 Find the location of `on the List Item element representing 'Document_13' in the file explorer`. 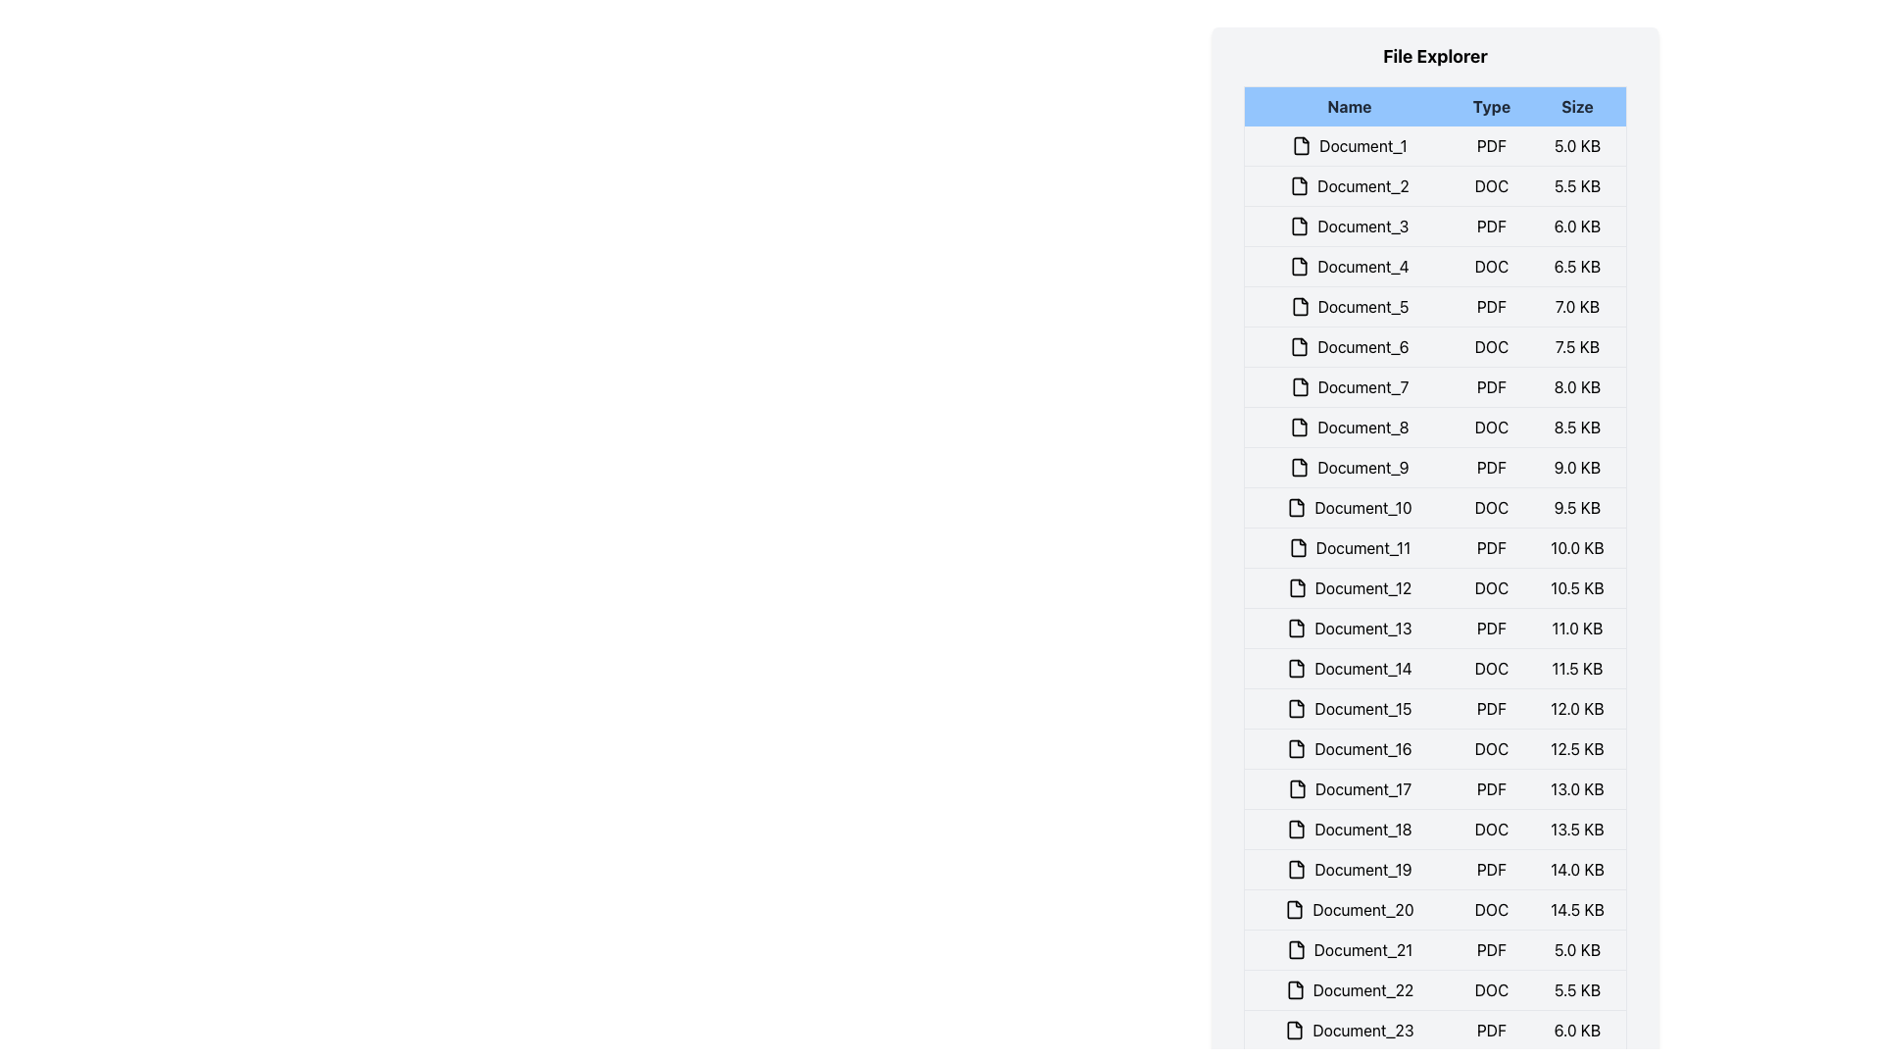

on the List Item element representing 'Document_13' in the file explorer is located at coordinates (1435, 628).